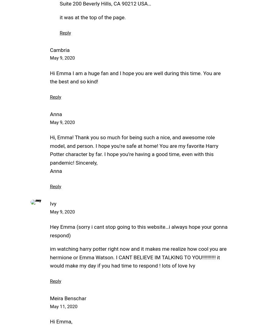  What do you see at coordinates (68, 298) in the screenshot?
I see `'Meira Benschar'` at bounding box center [68, 298].